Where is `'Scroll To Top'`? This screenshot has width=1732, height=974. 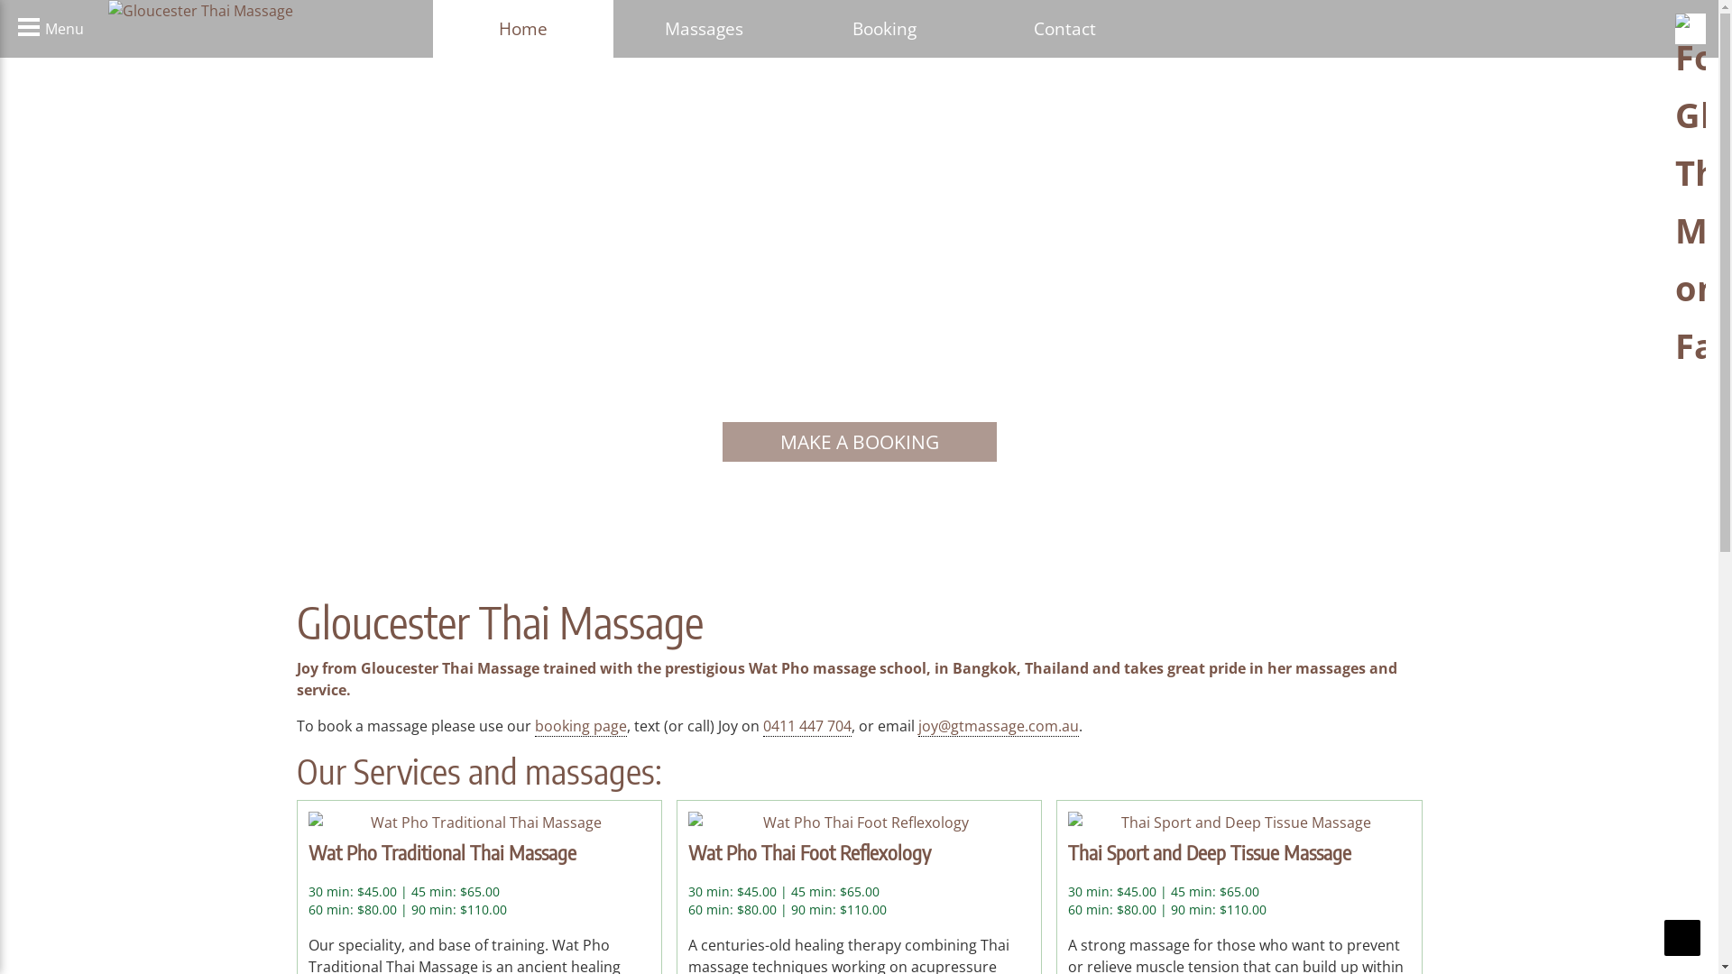
'Scroll To Top' is located at coordinates (1681, 937).